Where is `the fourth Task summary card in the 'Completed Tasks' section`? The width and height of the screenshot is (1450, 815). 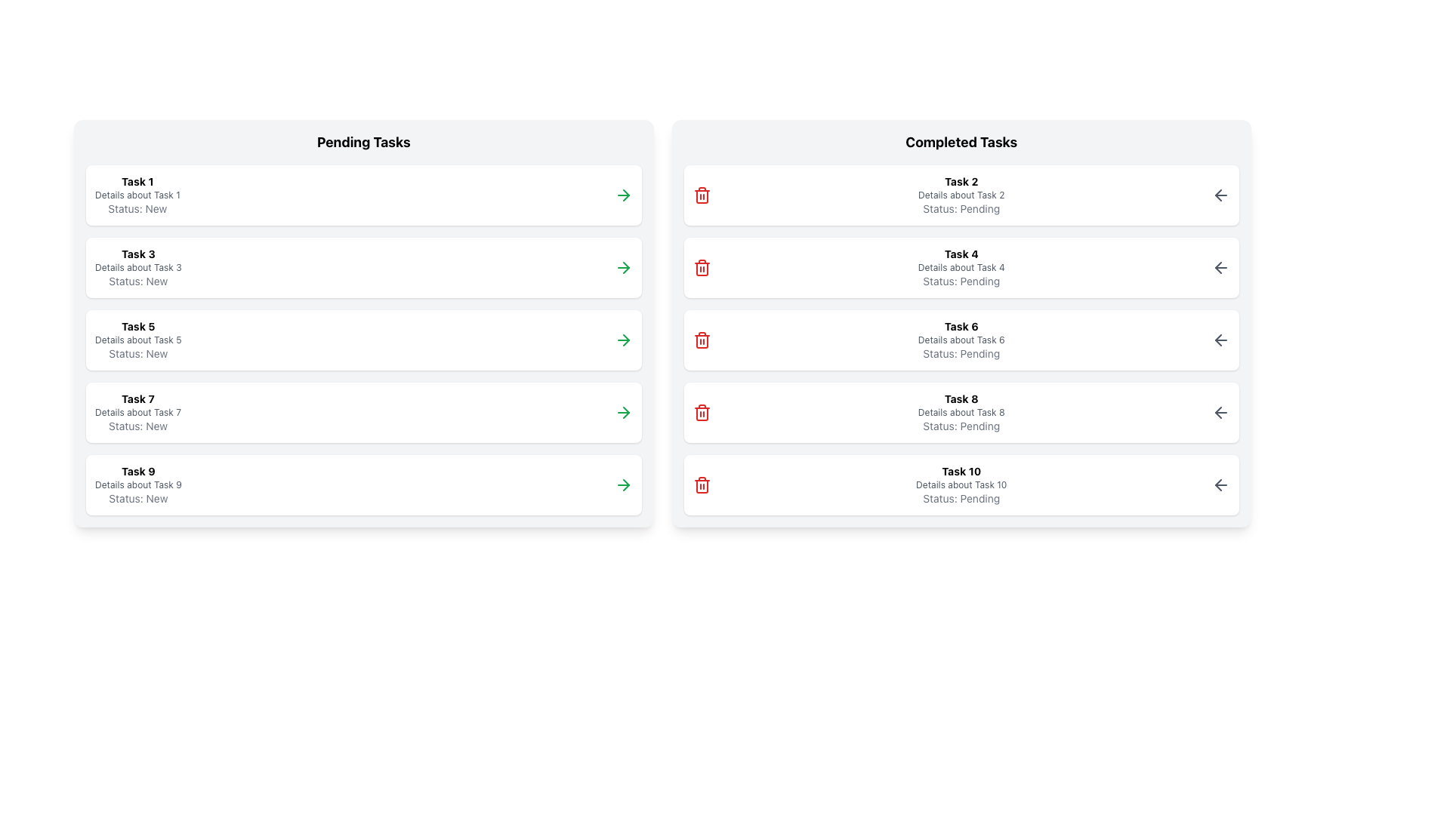
the fourth Task summary card in the 'Completed Tasks' section is located at coordinates (961, 413).